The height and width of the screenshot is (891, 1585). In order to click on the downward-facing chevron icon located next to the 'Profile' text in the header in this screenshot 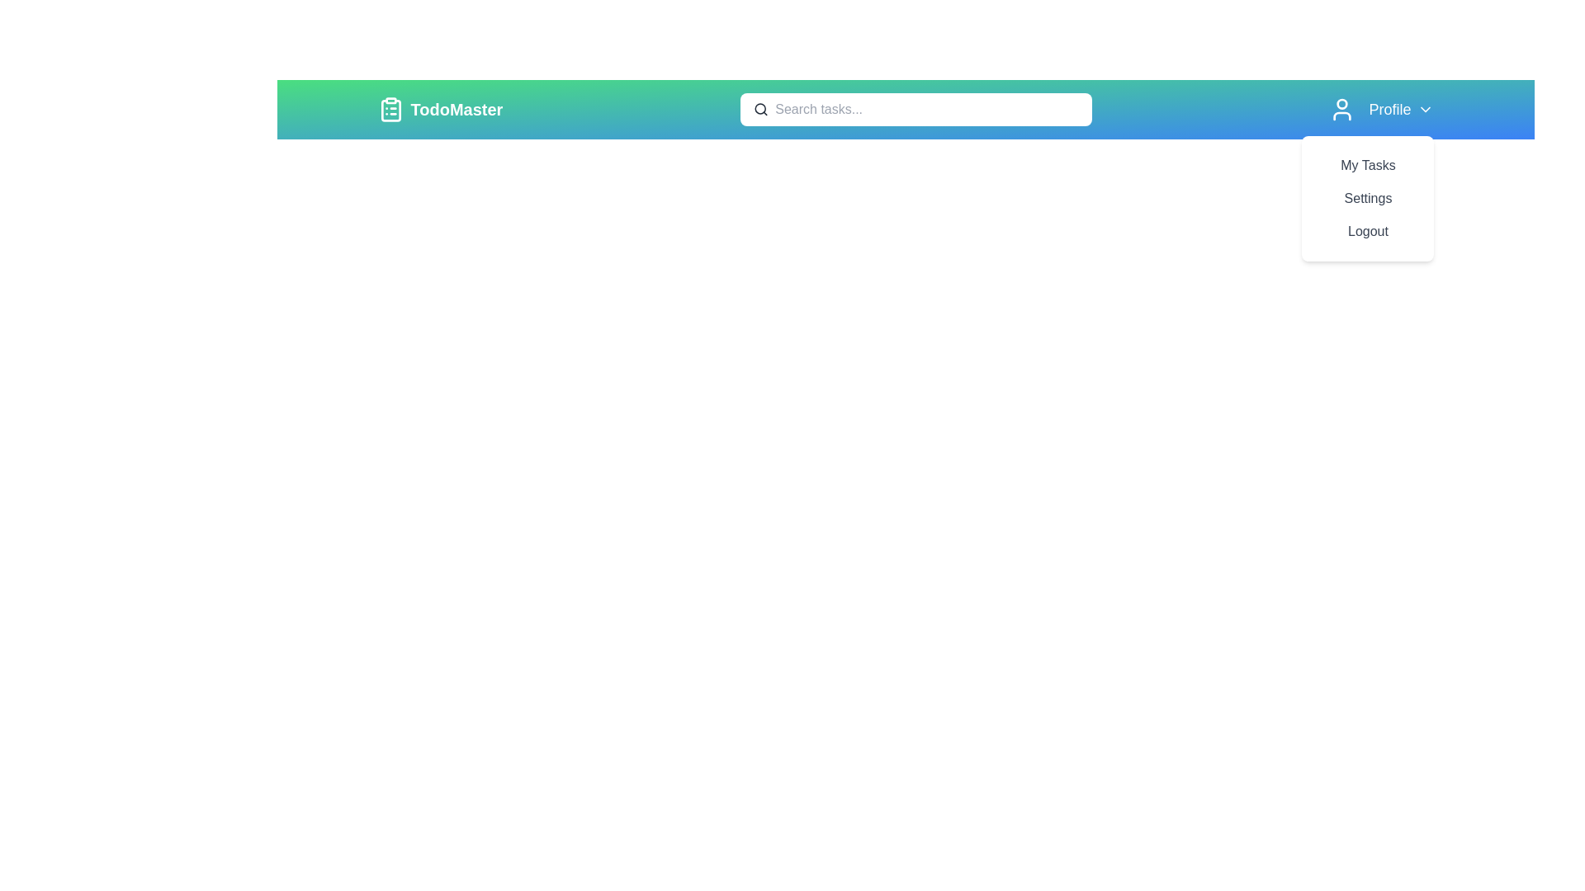, I will do `click(1425, 109)`.